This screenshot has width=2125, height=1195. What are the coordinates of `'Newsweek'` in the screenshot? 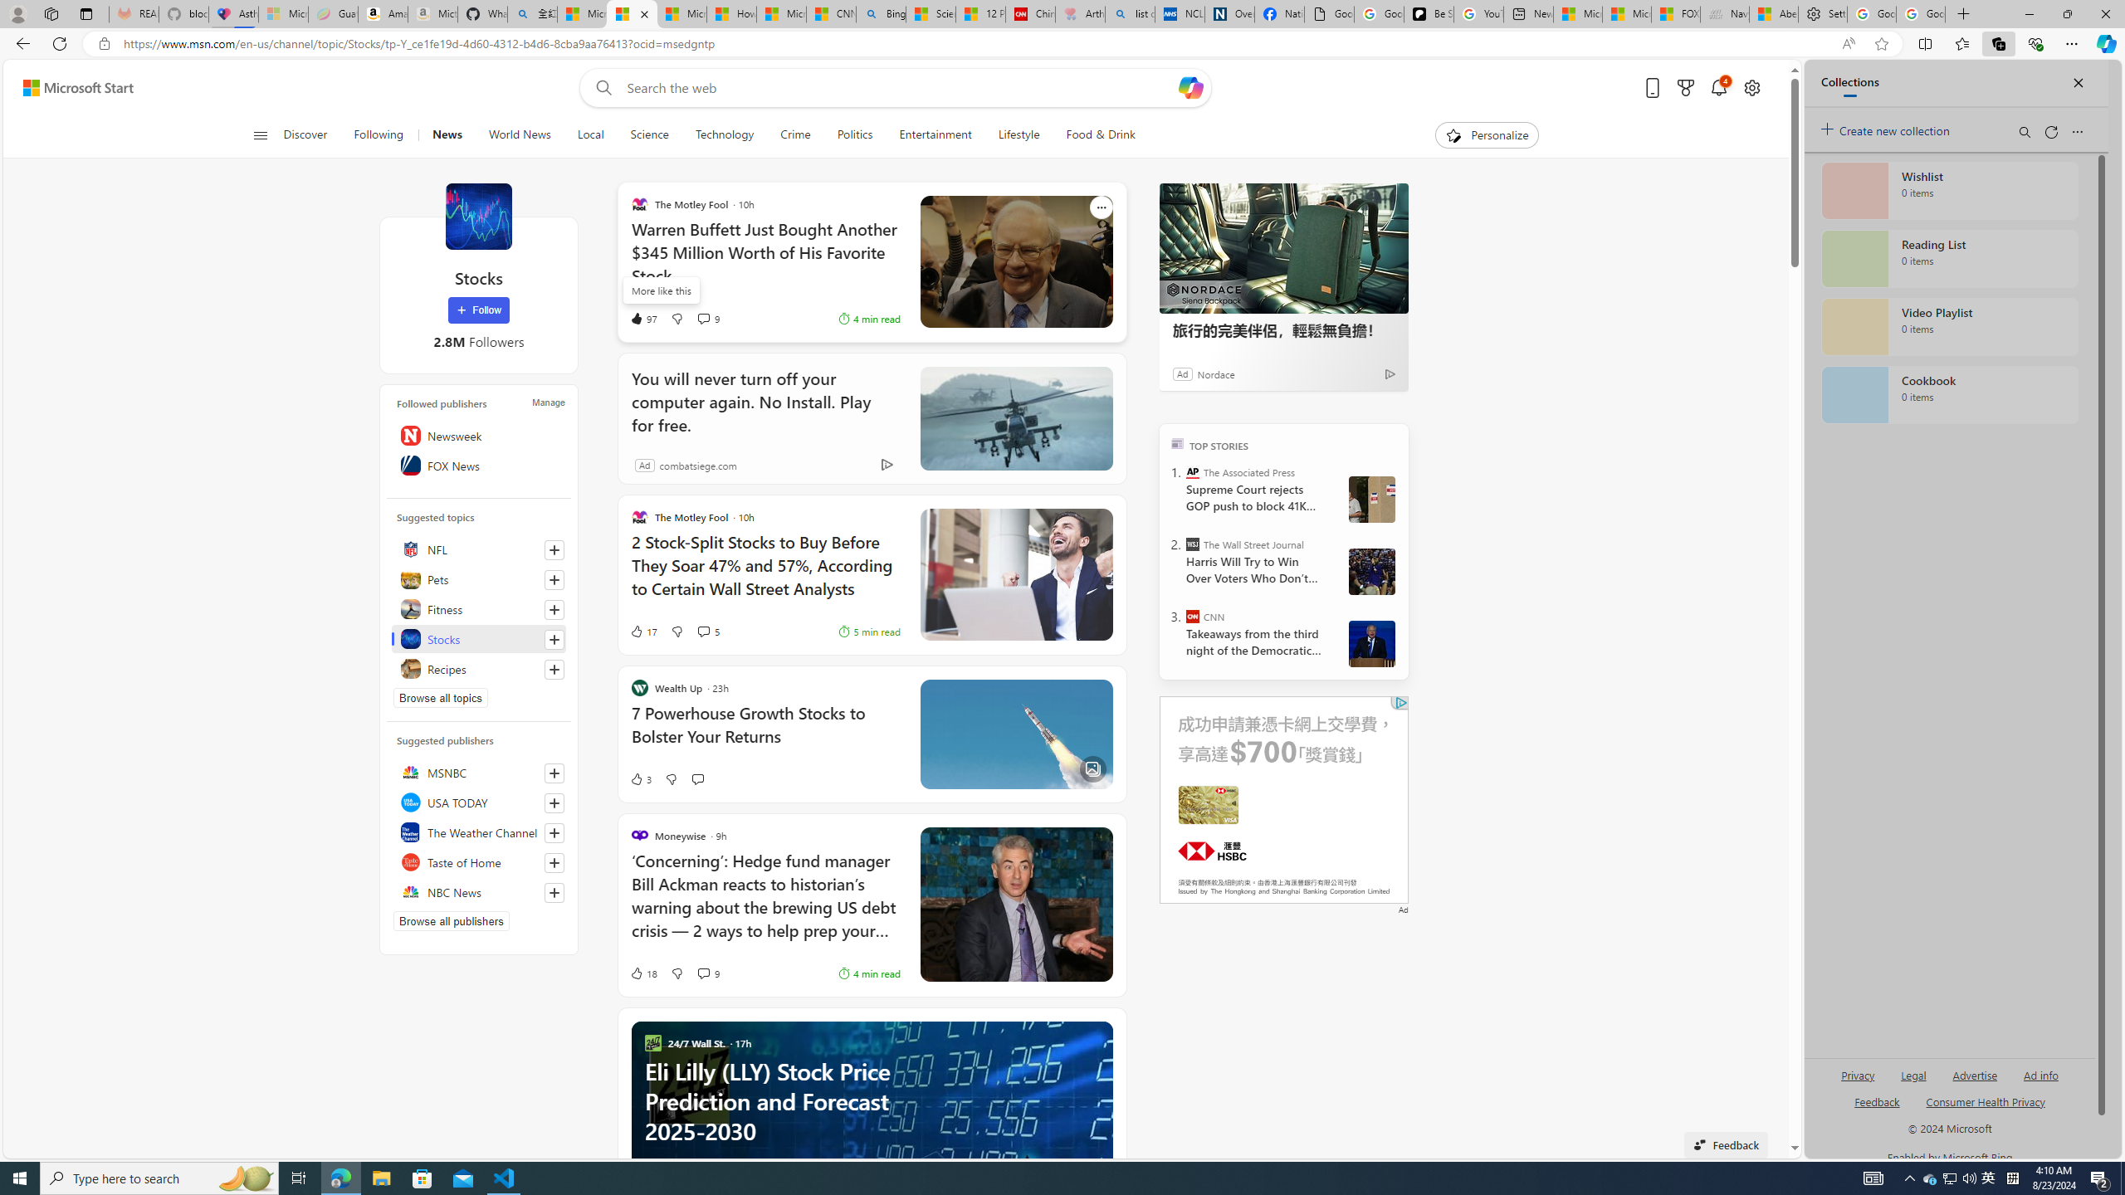 It's located at (477, 435).